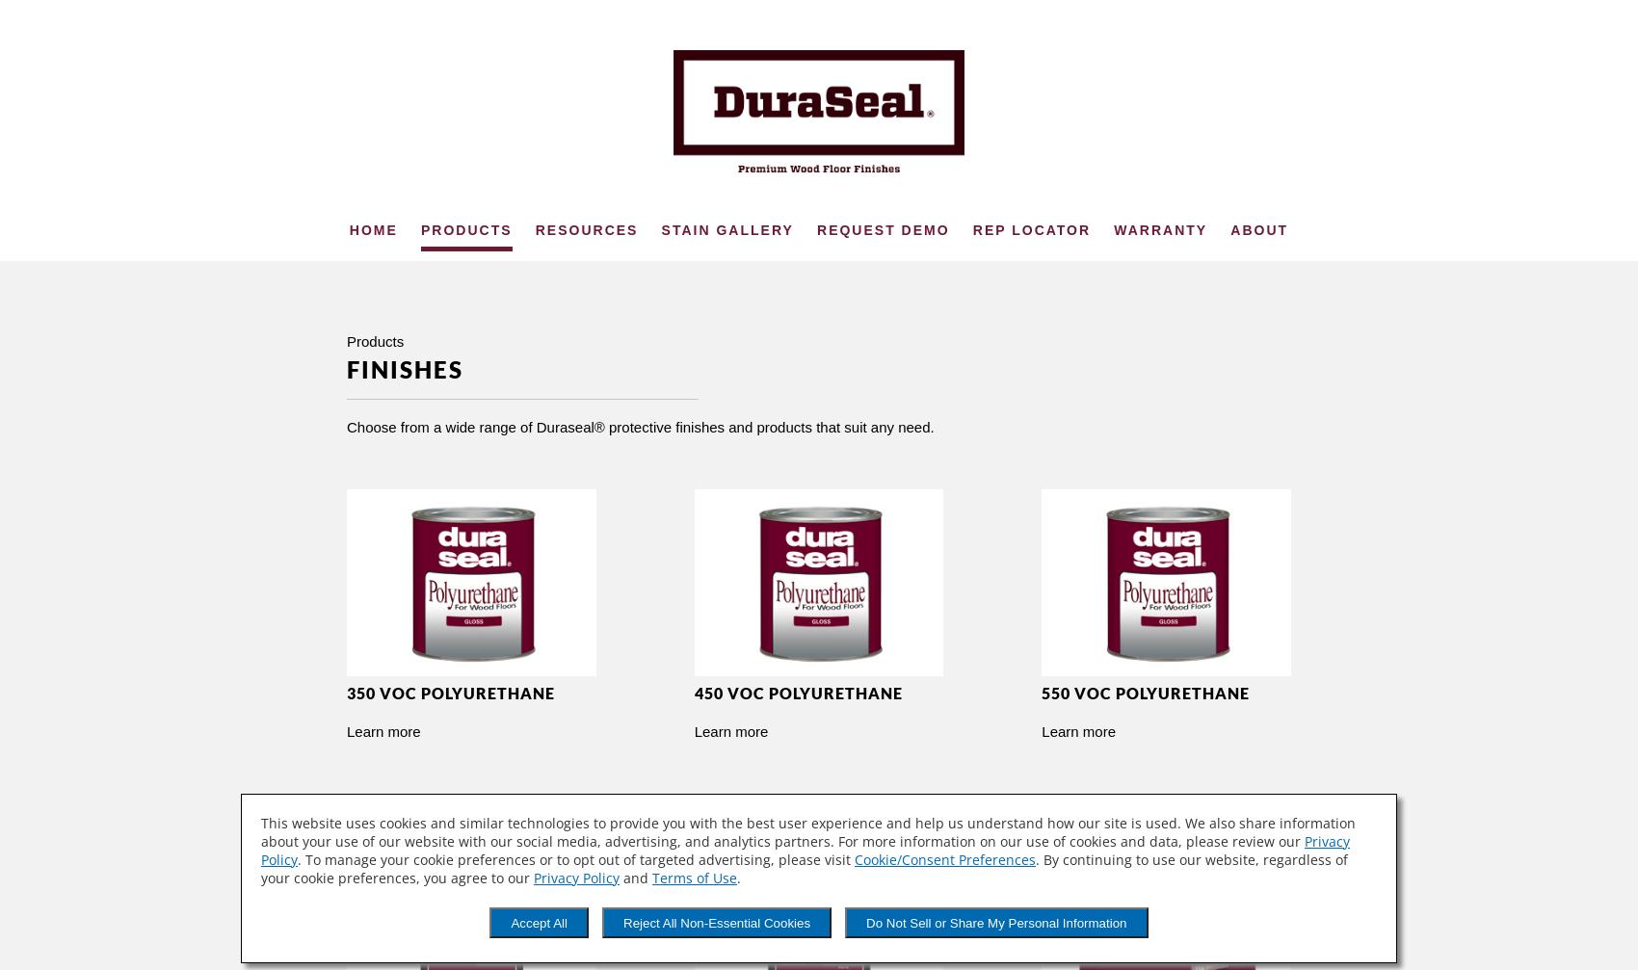 The image size is (1638, 970). I want to click on '350 VOC Polyurethane', so click(451, 692).